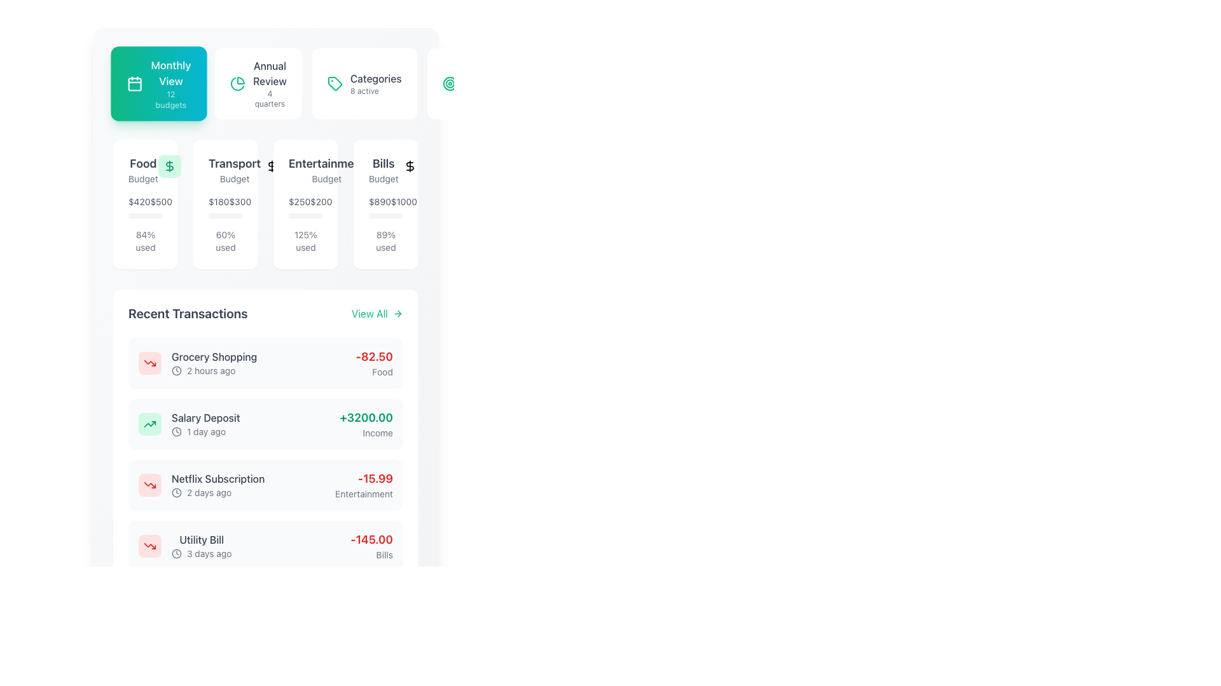  Describe the element at coordinates (143, 169) in the screenshot. I see `the 'Food' budget category text label located at the top-left of the card grid` at that location.